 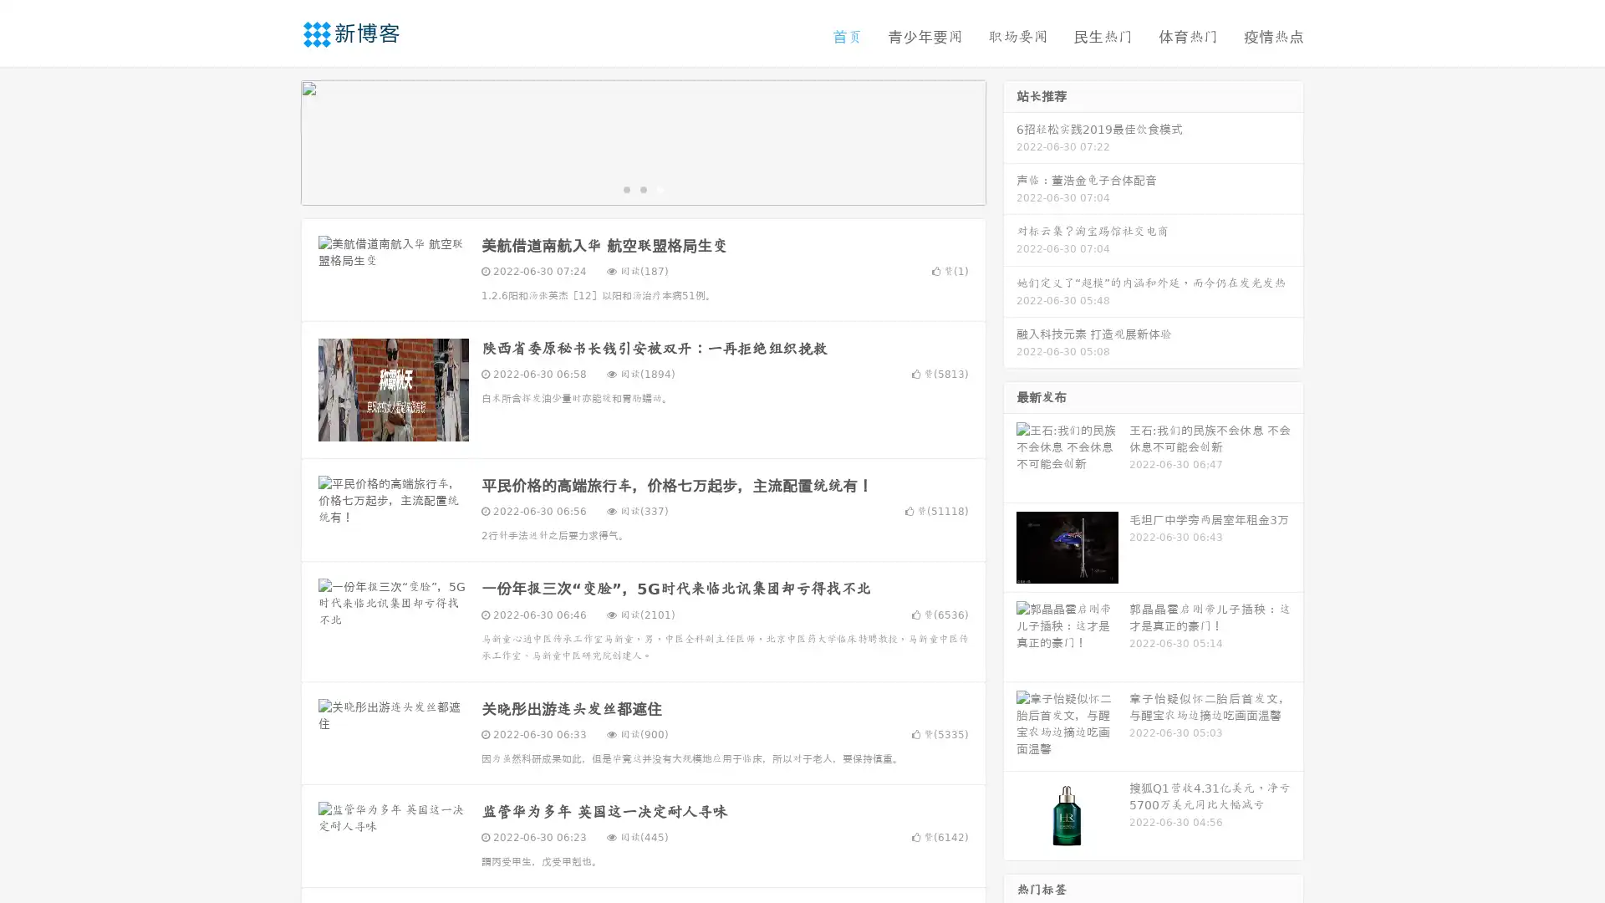 I want to click on Go to slide 1, so click(x=625, y=188).